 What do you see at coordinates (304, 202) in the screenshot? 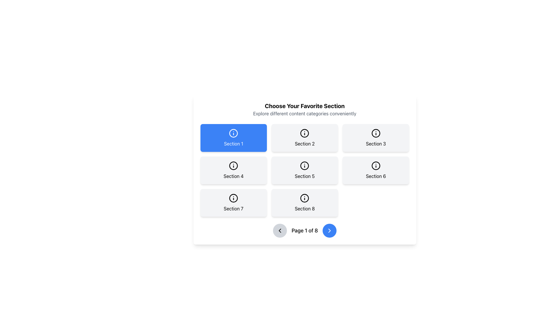
I see `the button labeled 'Section 8' with an information symbol, which is part of a grid layout in the third row and third column` at bounding box center [304, 202].